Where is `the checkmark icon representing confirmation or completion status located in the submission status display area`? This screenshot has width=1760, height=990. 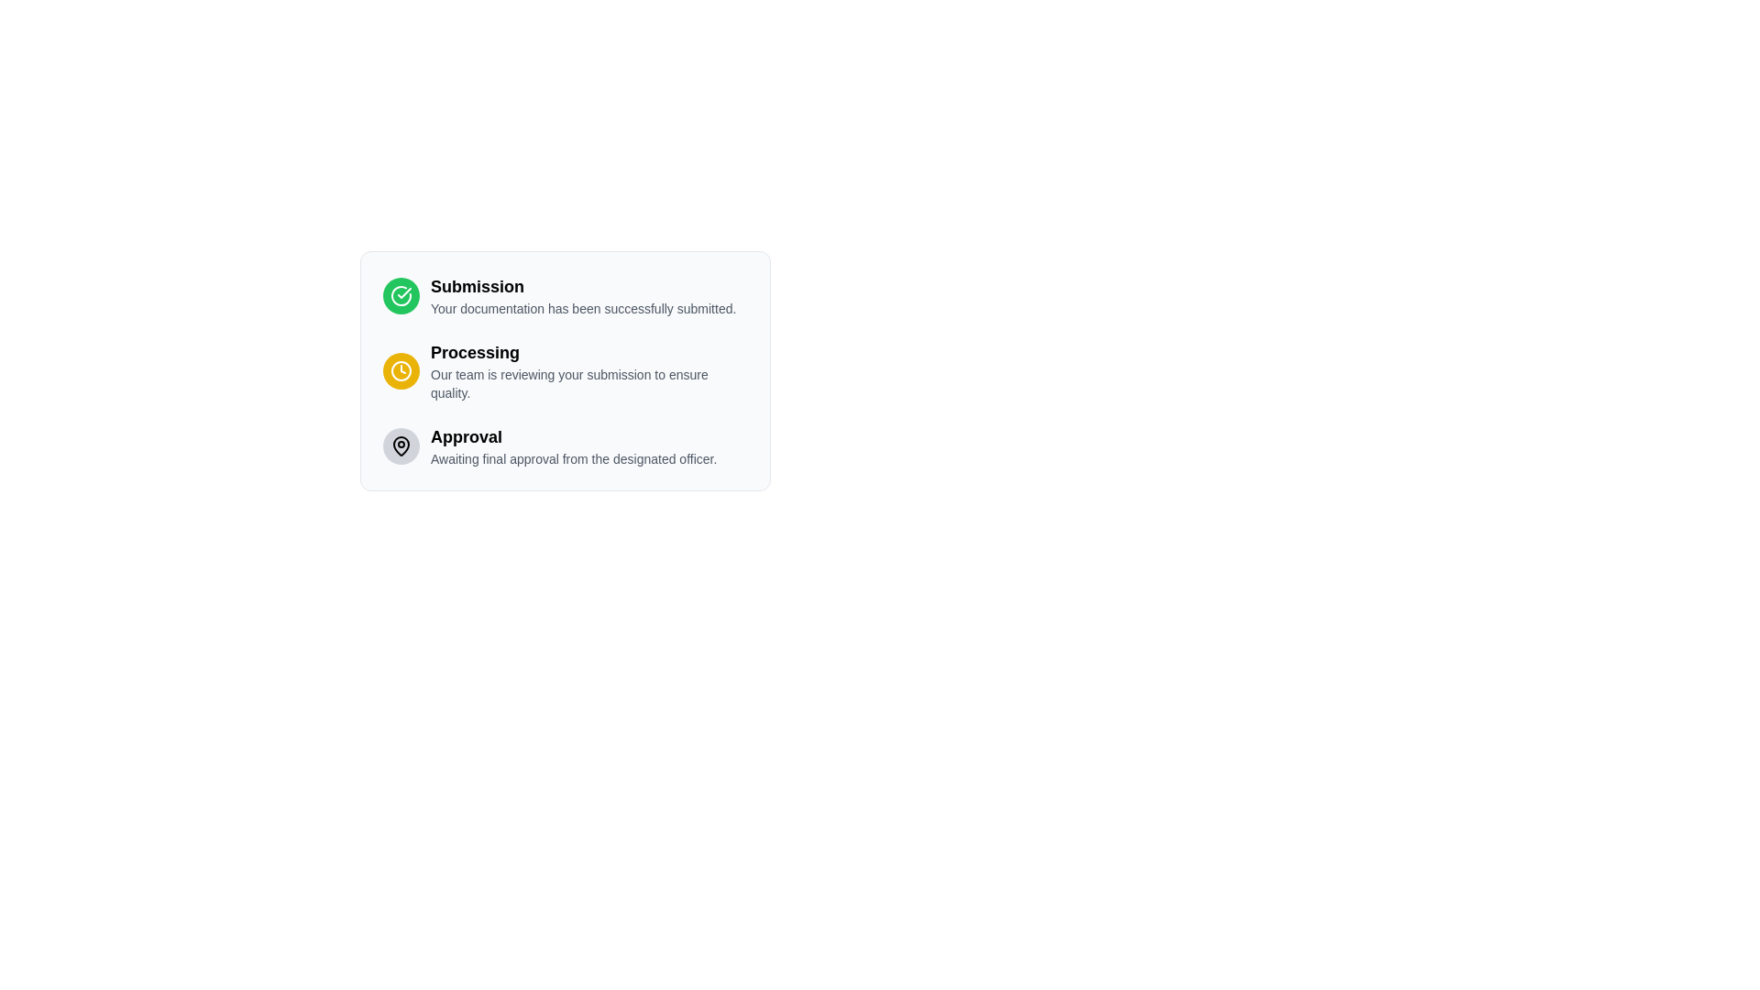
the checkmark icon representing confirmation or completion status located in the submission status display area is located at coordinates (403, 292).